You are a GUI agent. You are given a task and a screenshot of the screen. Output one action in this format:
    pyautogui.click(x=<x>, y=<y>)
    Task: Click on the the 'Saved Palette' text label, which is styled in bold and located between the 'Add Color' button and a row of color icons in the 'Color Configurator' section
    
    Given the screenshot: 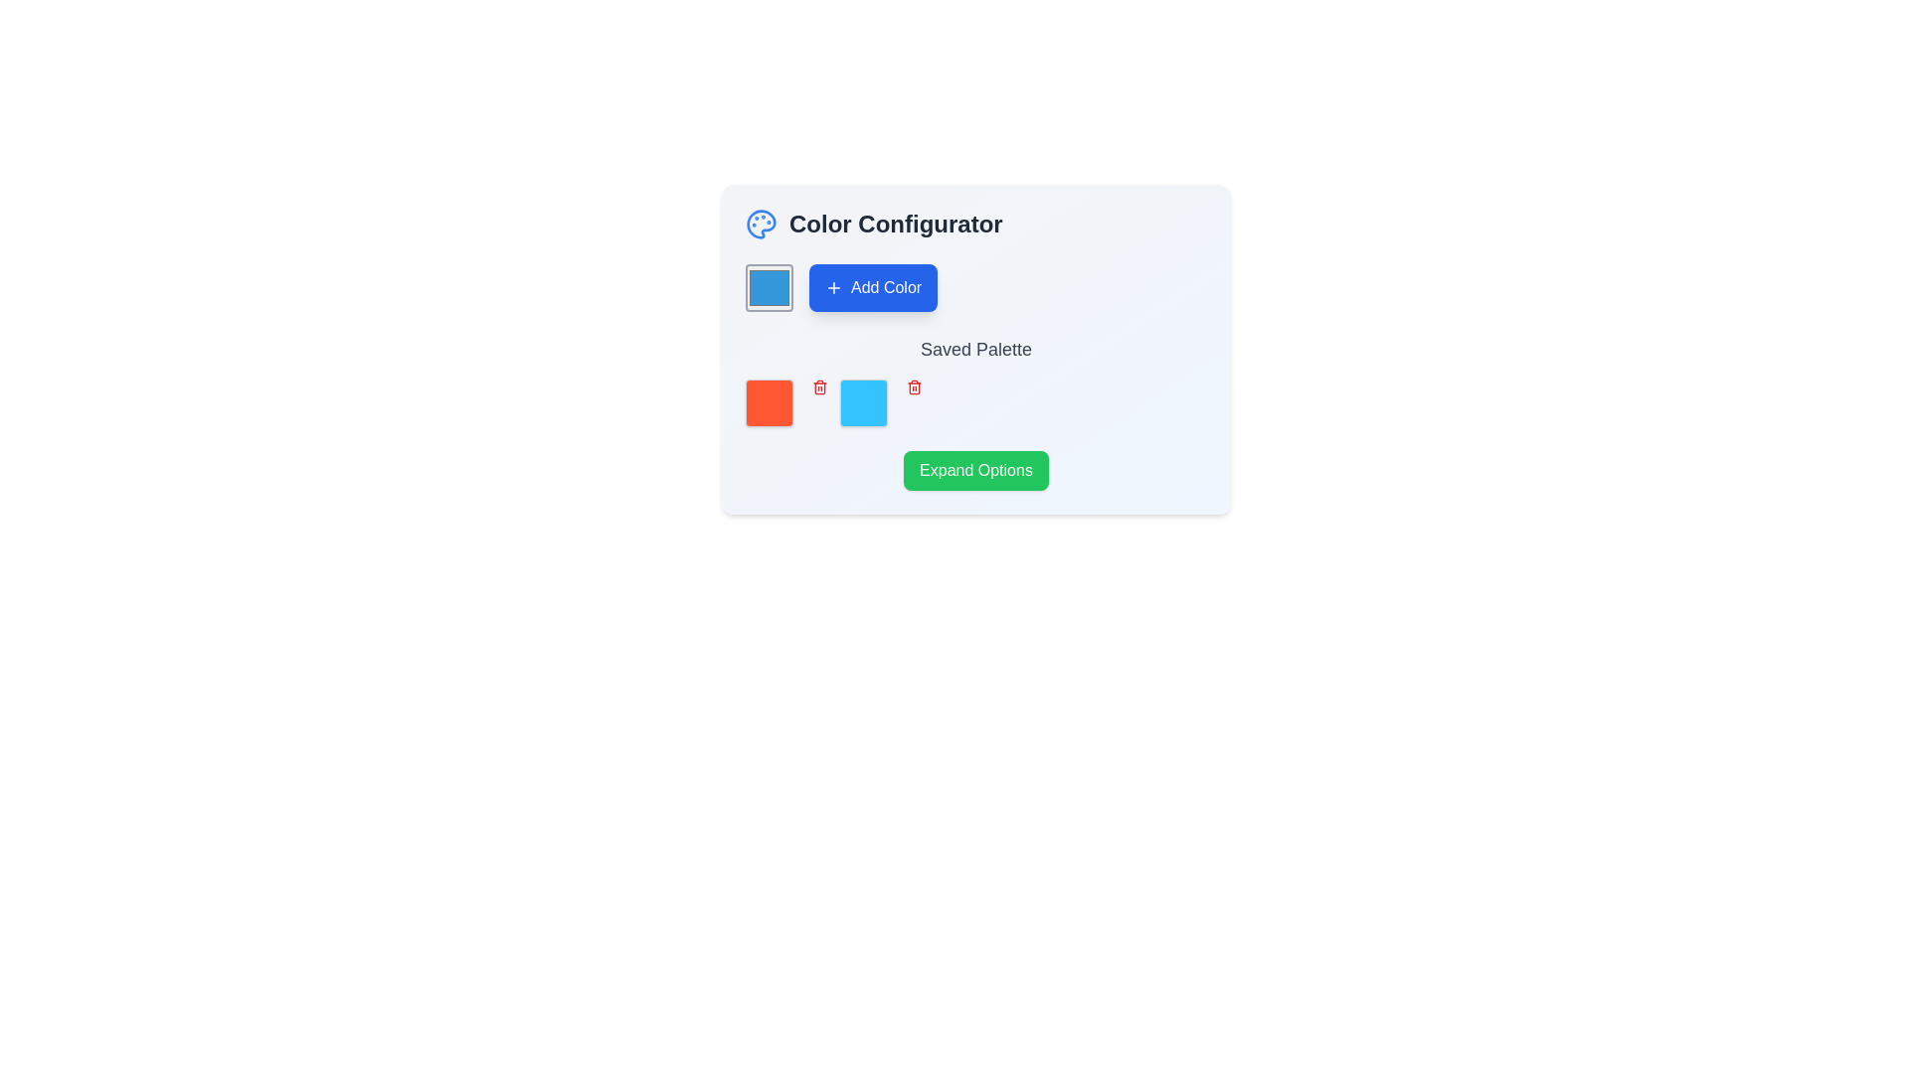 What is the action you would take?
    pyautogui.click(x=976, y=348)
    